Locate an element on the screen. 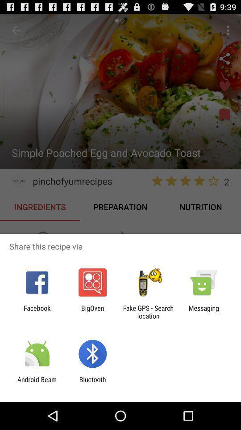 This screenshot has width=241, height=430. the fake gps search is located at coordinates (148, 312).